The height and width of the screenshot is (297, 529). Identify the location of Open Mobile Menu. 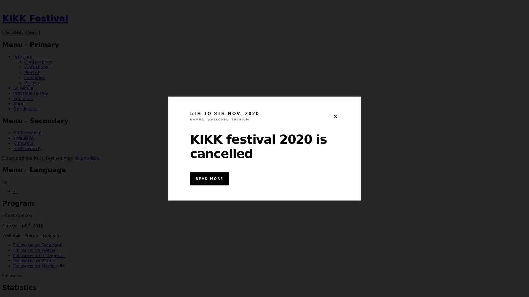
(21, 32).